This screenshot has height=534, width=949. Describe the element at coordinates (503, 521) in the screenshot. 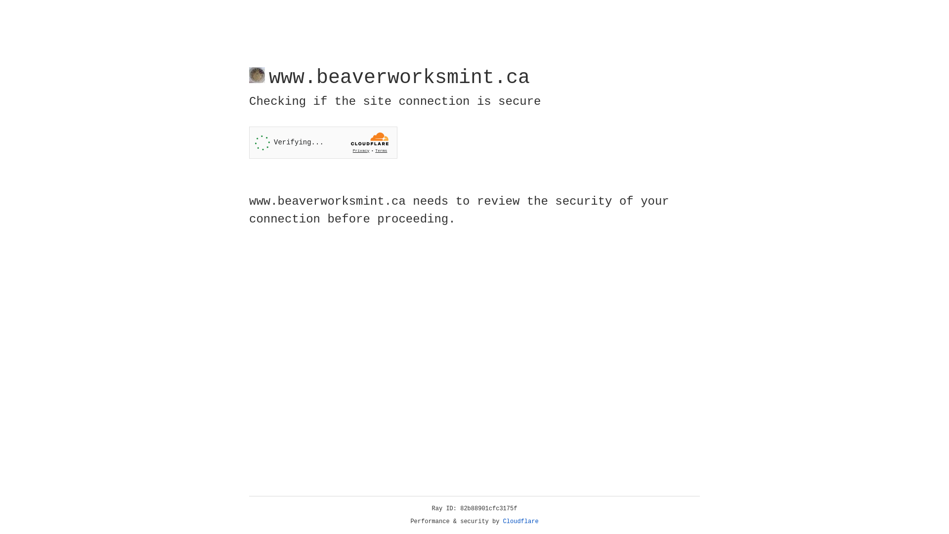

I see `'Cloudflare'` at that location.